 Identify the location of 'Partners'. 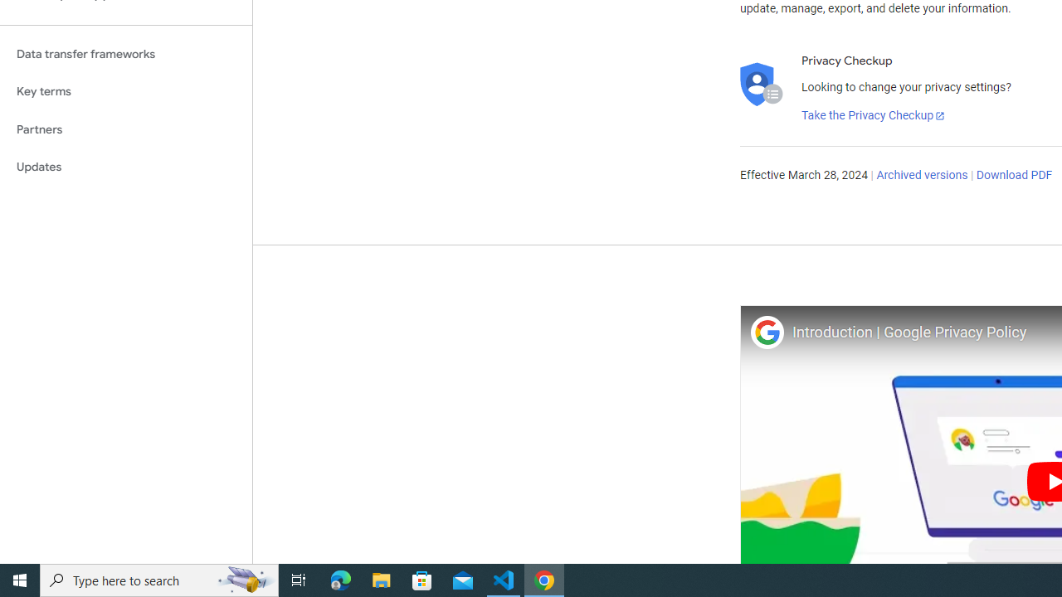
(125, 129).